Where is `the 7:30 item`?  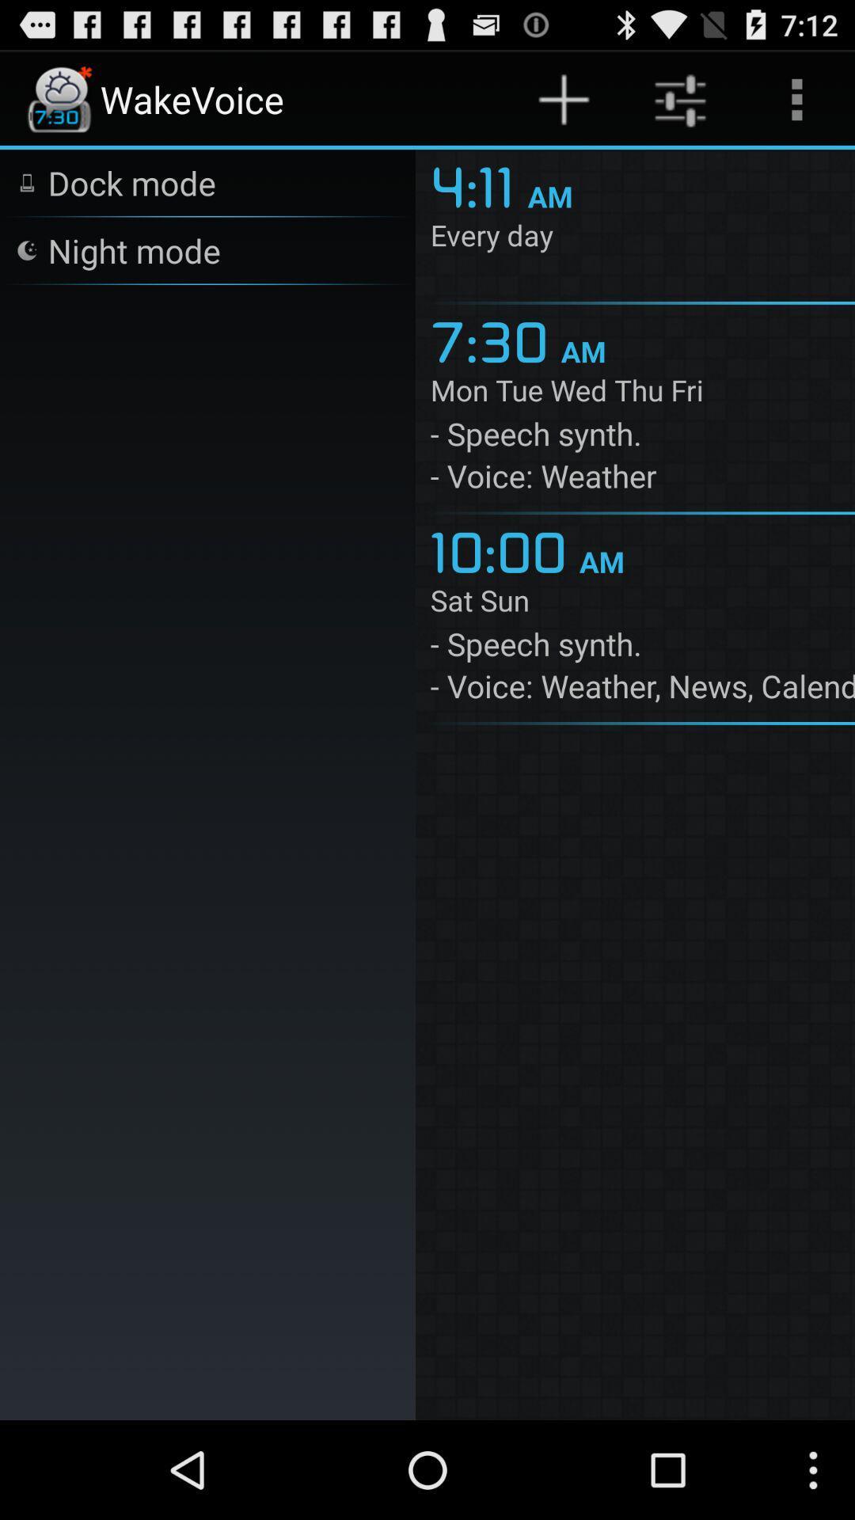
the 7:30 item is located at coordinates (495, 338).